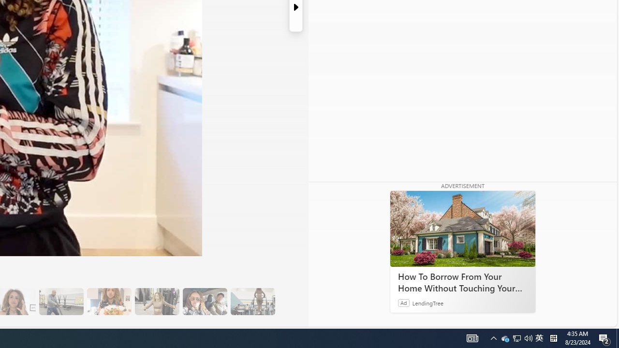  I want to click on 'LendingTree', so click(427, 302).